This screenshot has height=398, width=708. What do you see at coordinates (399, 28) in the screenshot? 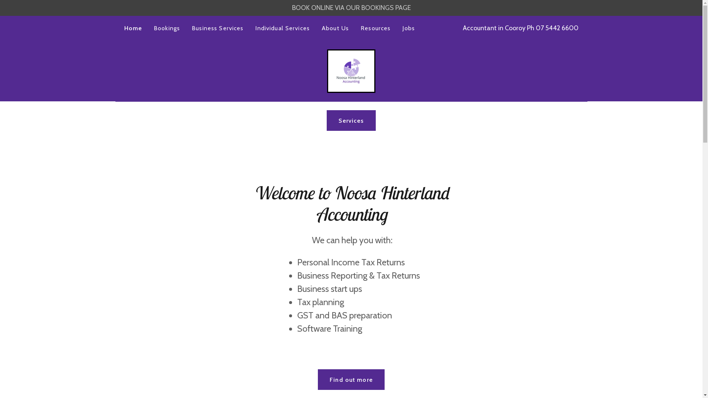
I see `'Jobs'` at bounding box center [399, 28].